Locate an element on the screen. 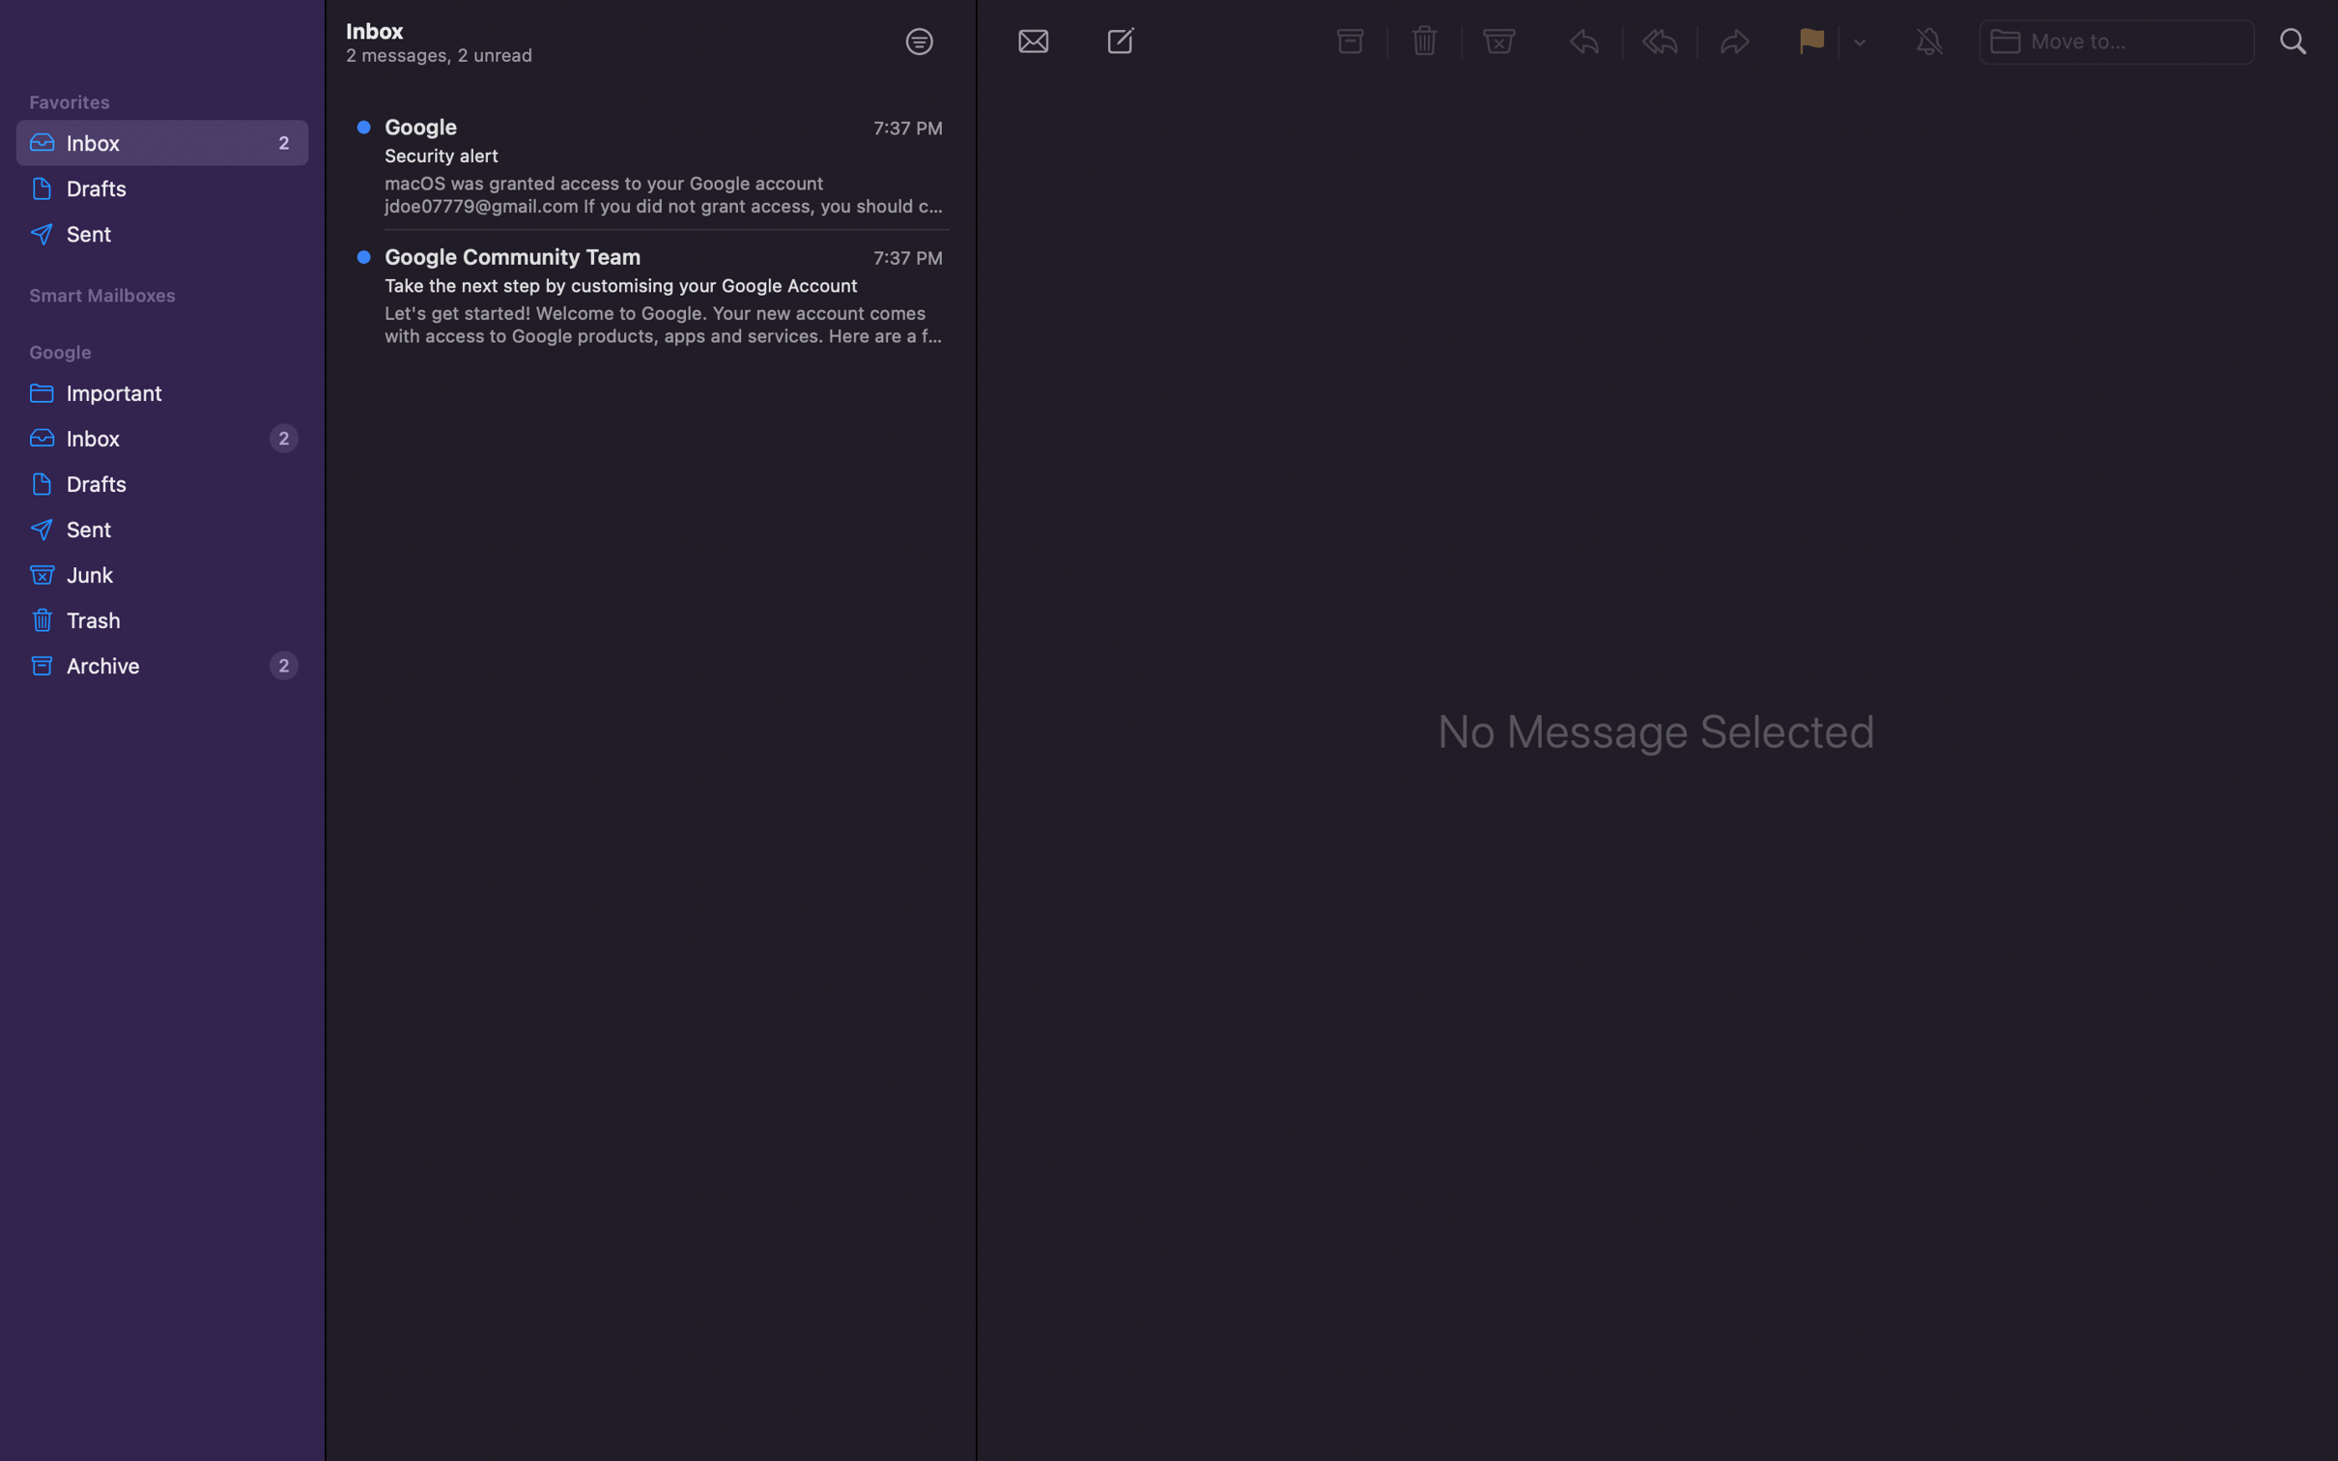  the sent mail box is located at coordinates (163, 530).